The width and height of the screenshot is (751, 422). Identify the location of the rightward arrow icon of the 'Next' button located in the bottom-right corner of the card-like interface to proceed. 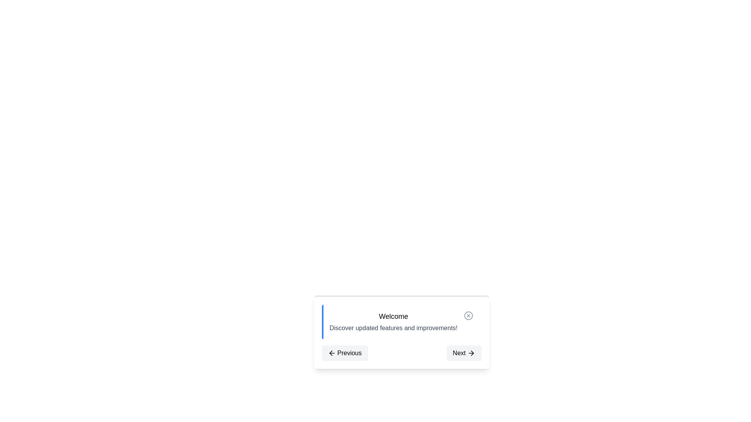
(471, 353).